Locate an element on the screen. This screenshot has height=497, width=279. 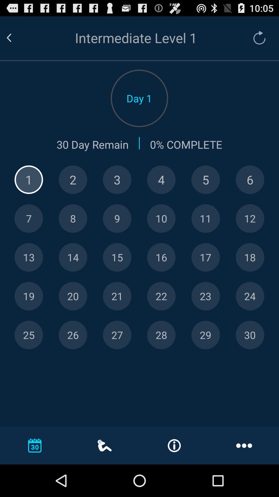
date selection is located at coordinates (161, 296).